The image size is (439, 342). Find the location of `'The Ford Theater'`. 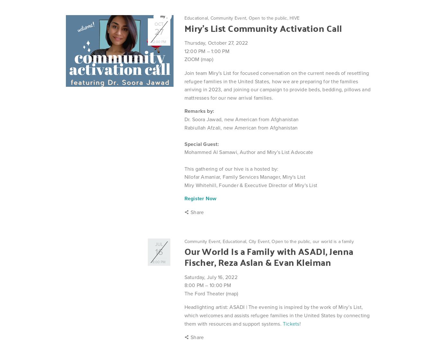

'The Ford Theater' is located at coordinates (204, 293).